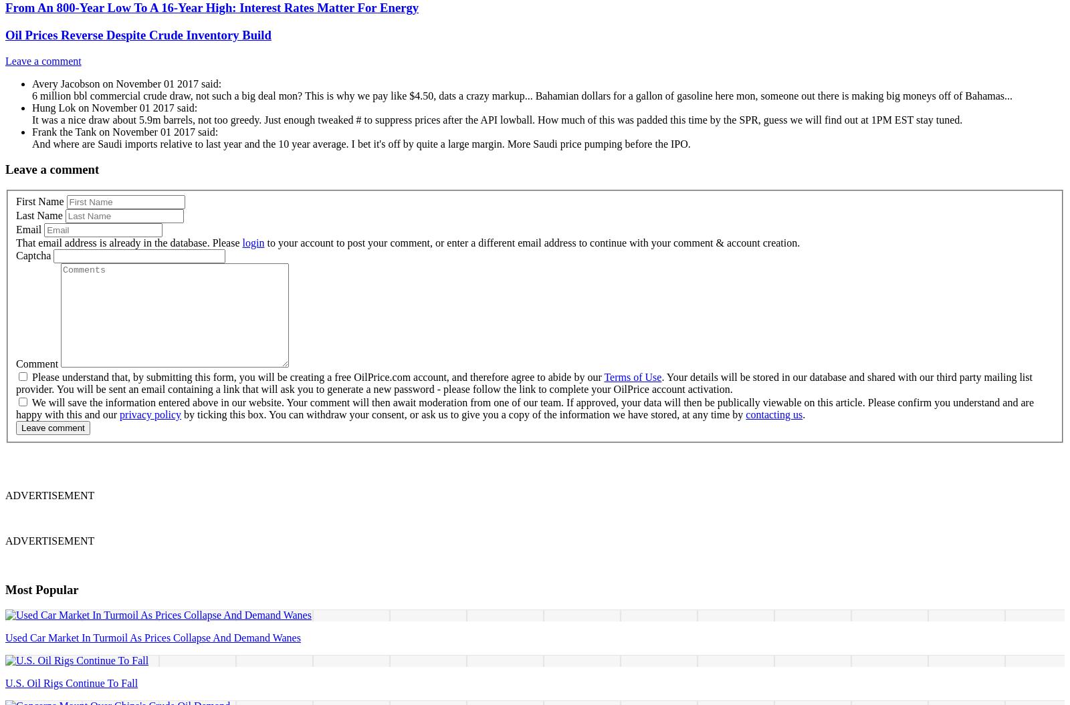 The width and height of the screenshot is (1070, 705). I want to click on 'Frank the Tank', so click(64, 130).